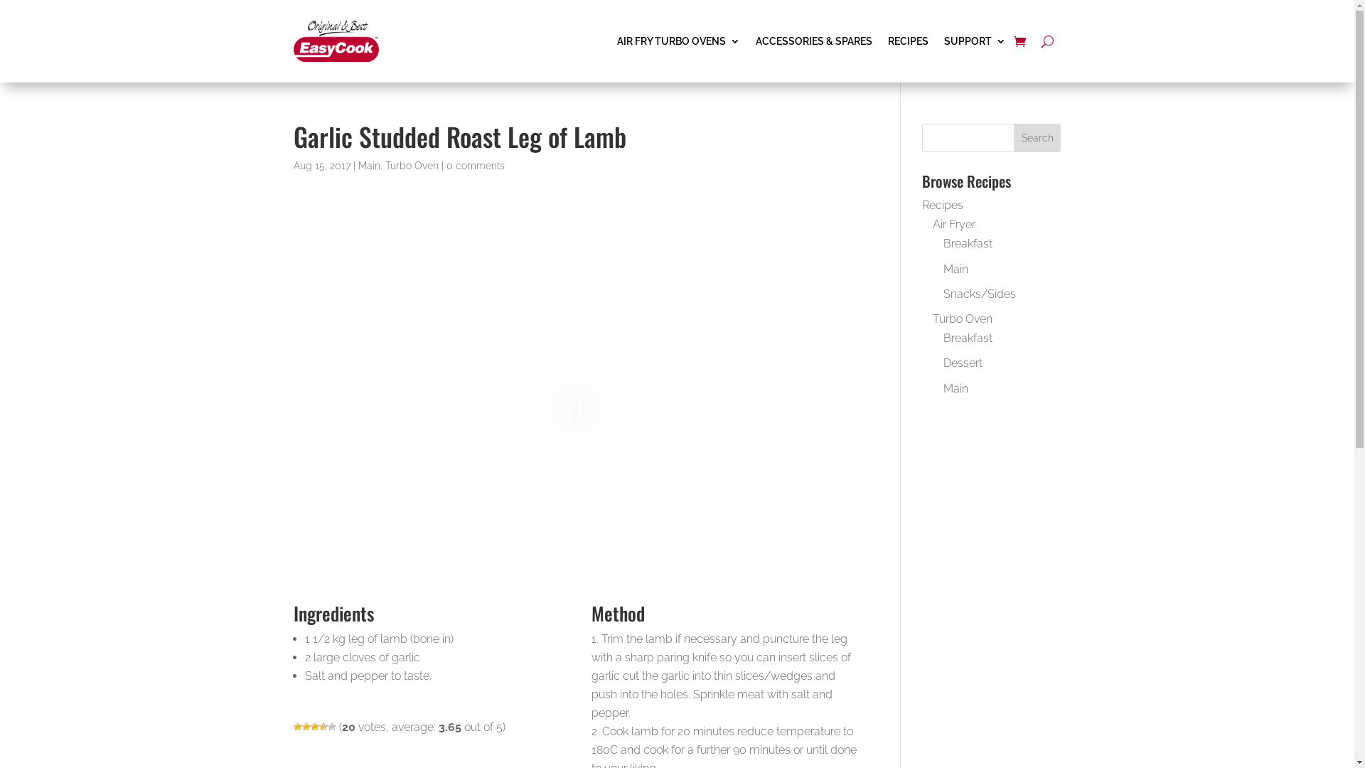 The height and width of the screenshot is (768, 1365). I want to click on '5 Stars', so click(330, 727).